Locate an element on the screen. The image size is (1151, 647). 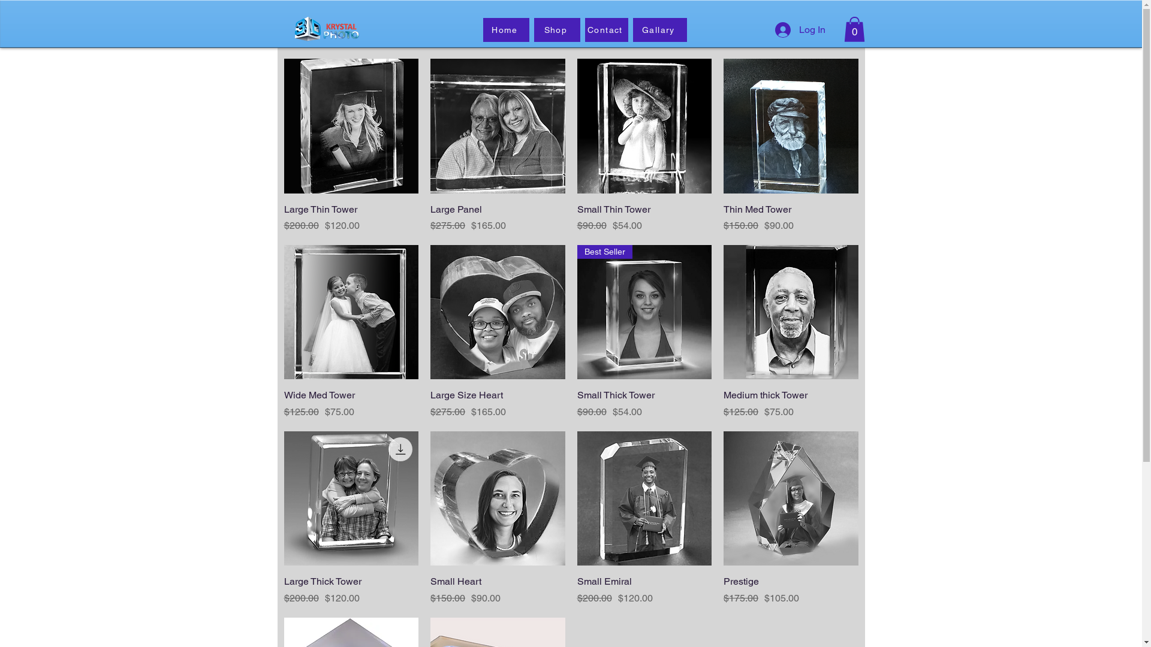
'Best Seller' is located at coordinates (643, 312).